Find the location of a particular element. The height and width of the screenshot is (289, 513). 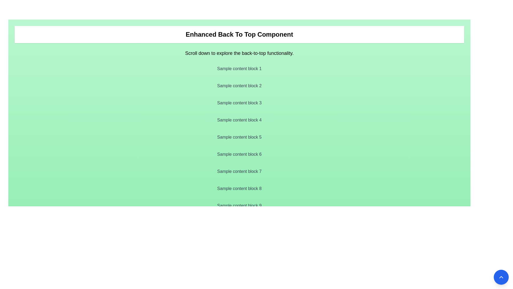

the text content of the text block that contains 'Sample content block 2', styled with a light-gray text color against a light-green background, positioned between 'Sample content block 1' and 'Sample content block 3' is located at coordinates (239, 85).